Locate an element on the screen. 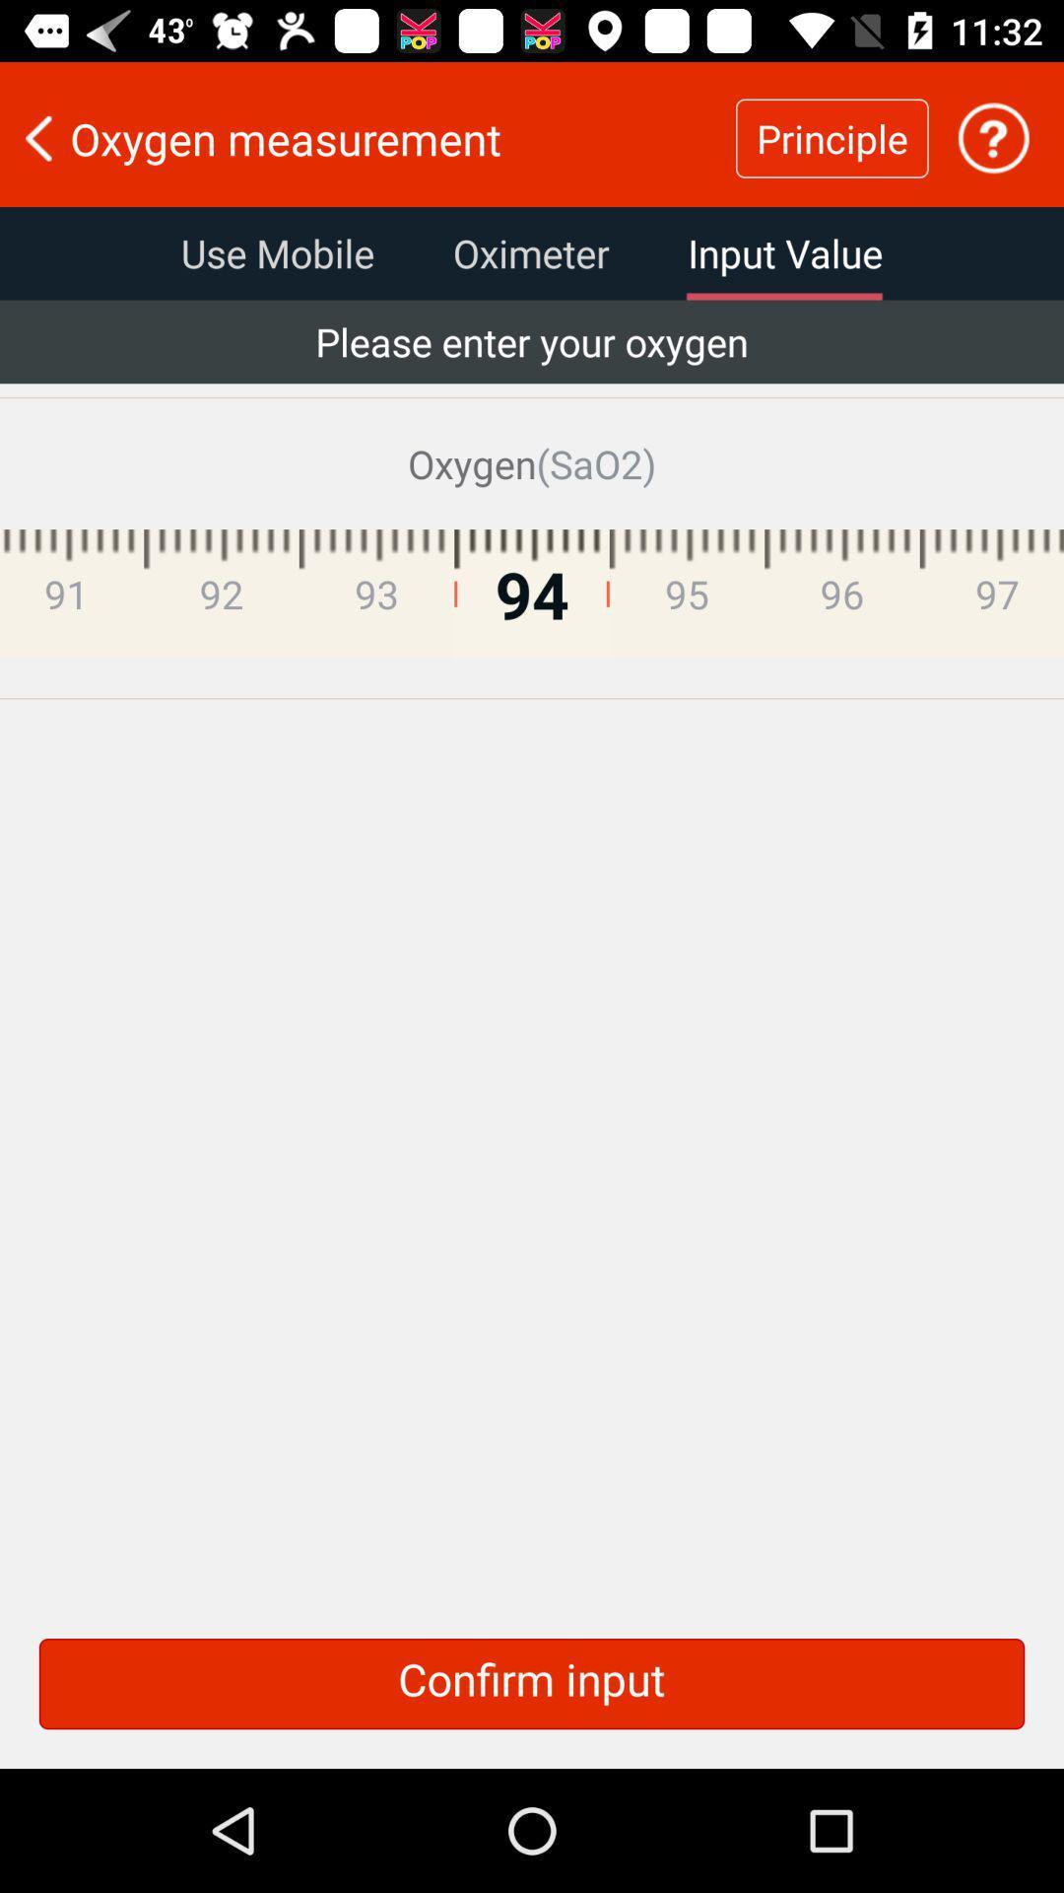 The height and width of the screenshot is (1893, 1064). help is located at coordinates (993, 137).